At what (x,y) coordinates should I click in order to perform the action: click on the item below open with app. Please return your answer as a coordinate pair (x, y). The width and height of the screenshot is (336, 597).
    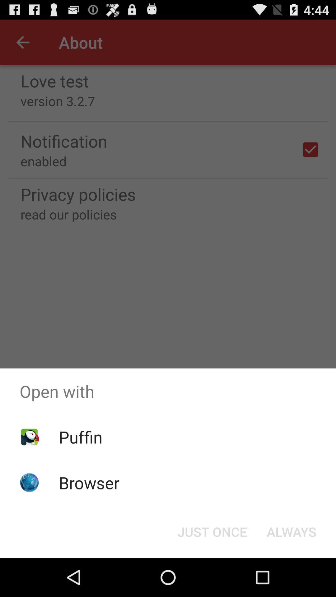
    Looking at the image, I should click on (292, 531).